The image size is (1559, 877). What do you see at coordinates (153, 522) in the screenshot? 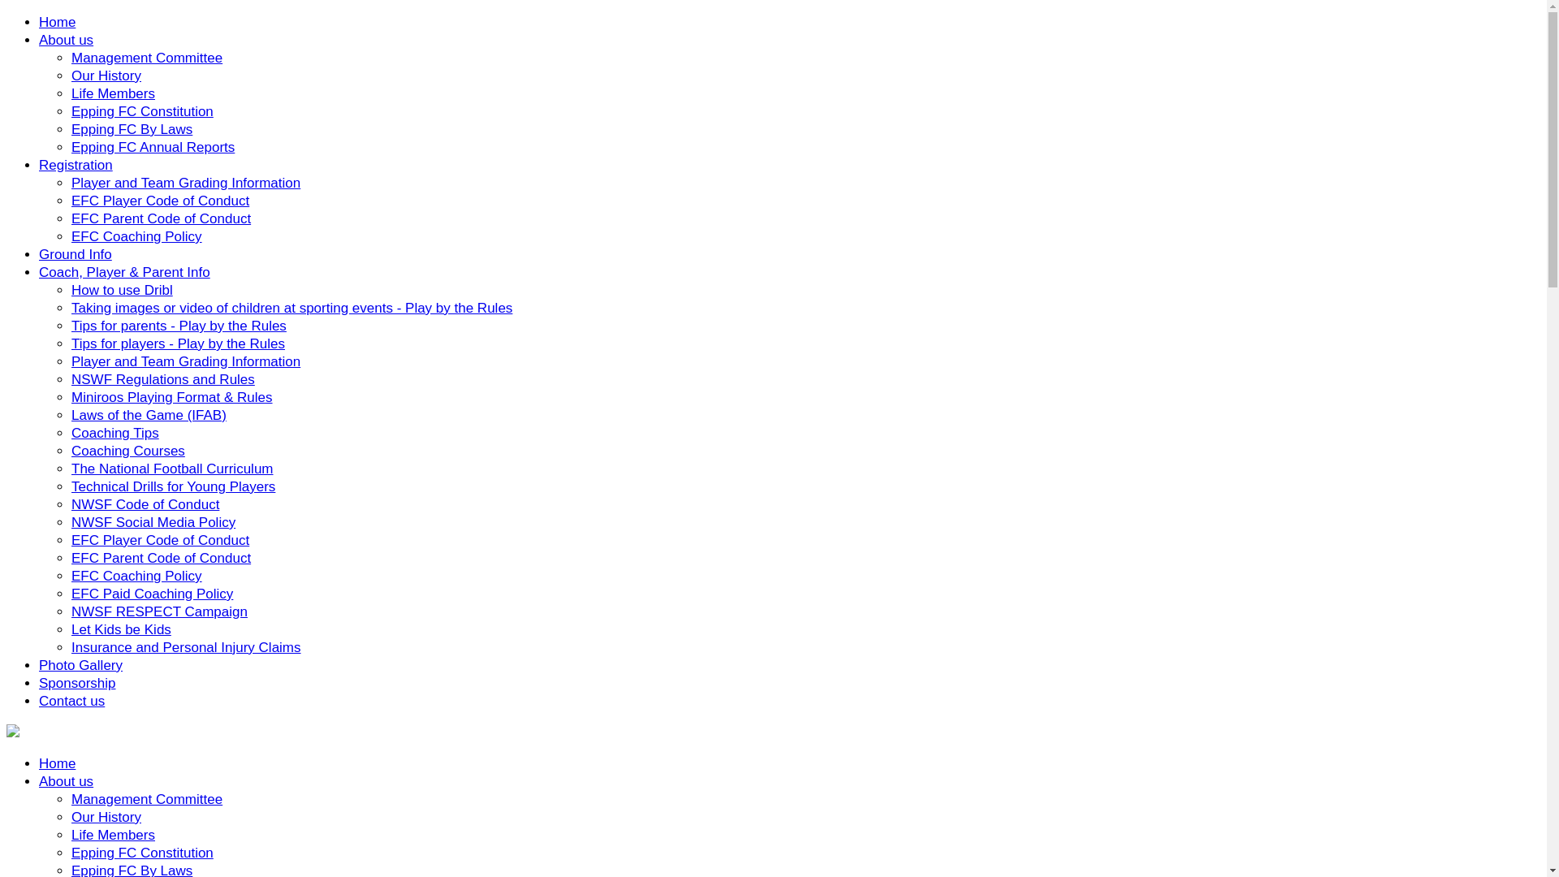
I see `'NWSF Social Media Policy'` at bounding box center [153, 522].